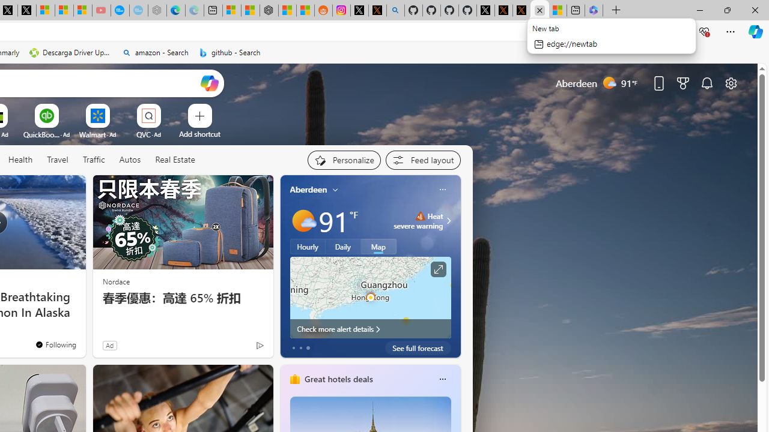 The height and width of the screenshot is (432, 769). What do you see at coordinates (594, 10) in the screenshot?
I see `'Login | Microsoft 365'` at bounding box center [594, 10].